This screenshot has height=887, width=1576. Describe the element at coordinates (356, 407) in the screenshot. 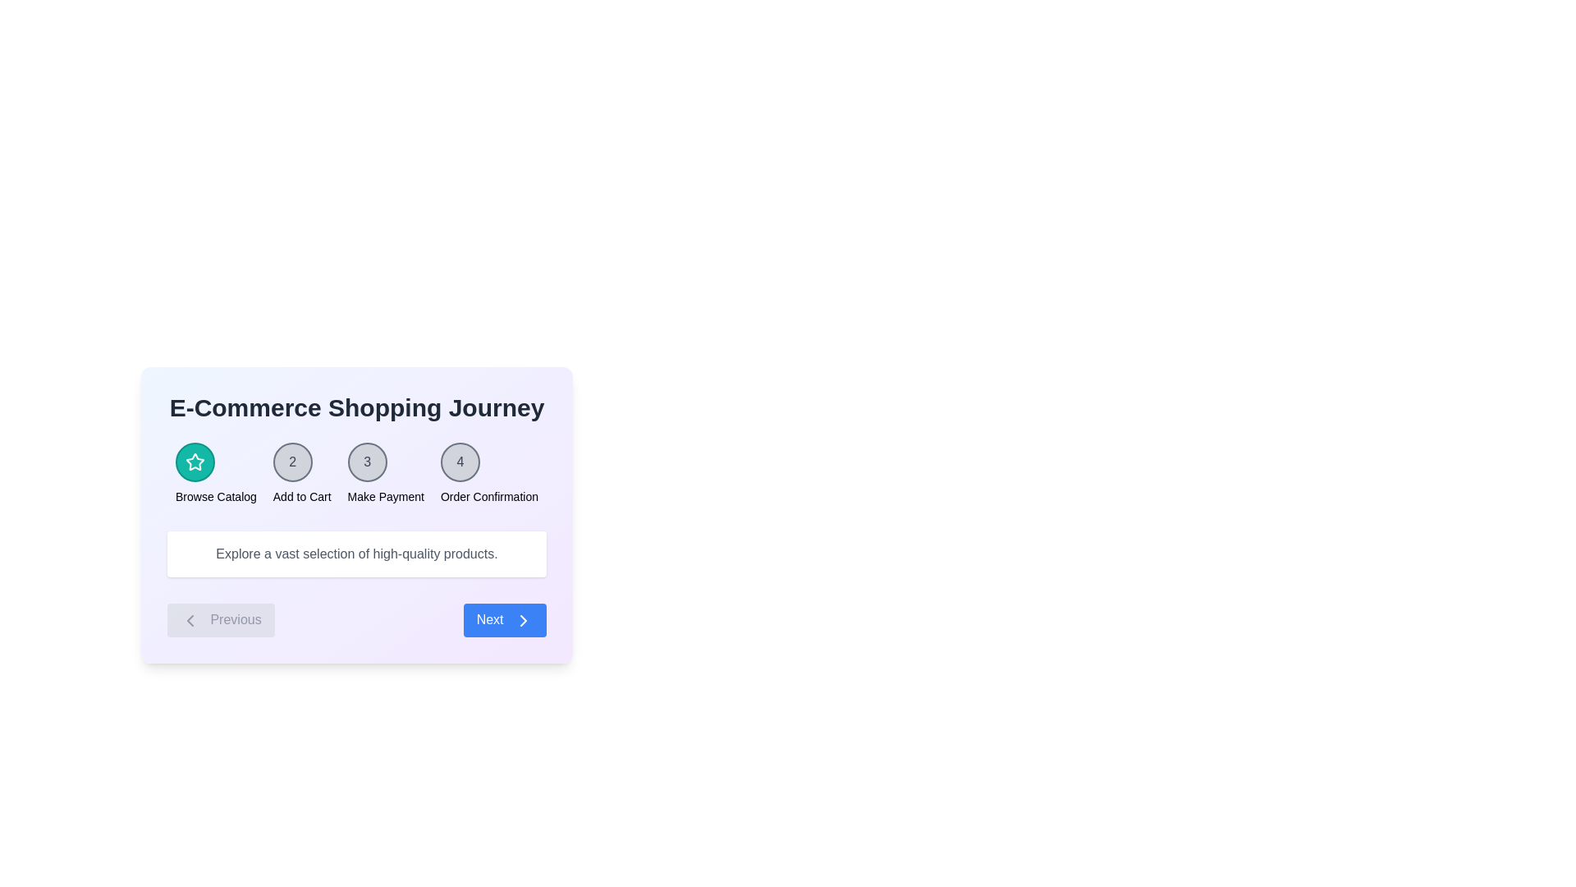

I see `the static text labeled 'E-Commerce Shopping Journey', which is a bold and large heading at the top center of the shopping process interface` at that location.